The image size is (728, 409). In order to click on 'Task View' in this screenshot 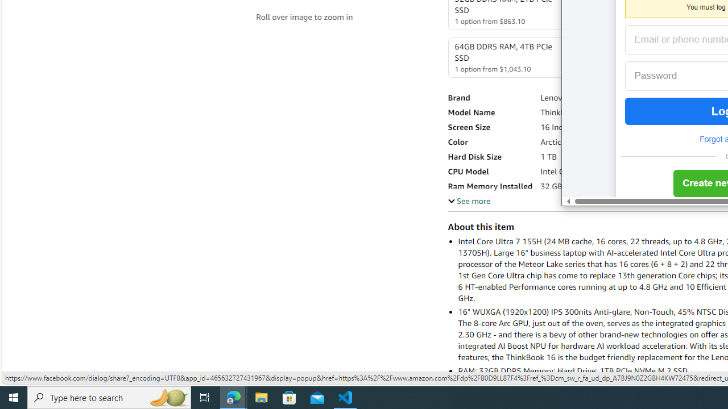, I will do `click(204, 397)`.